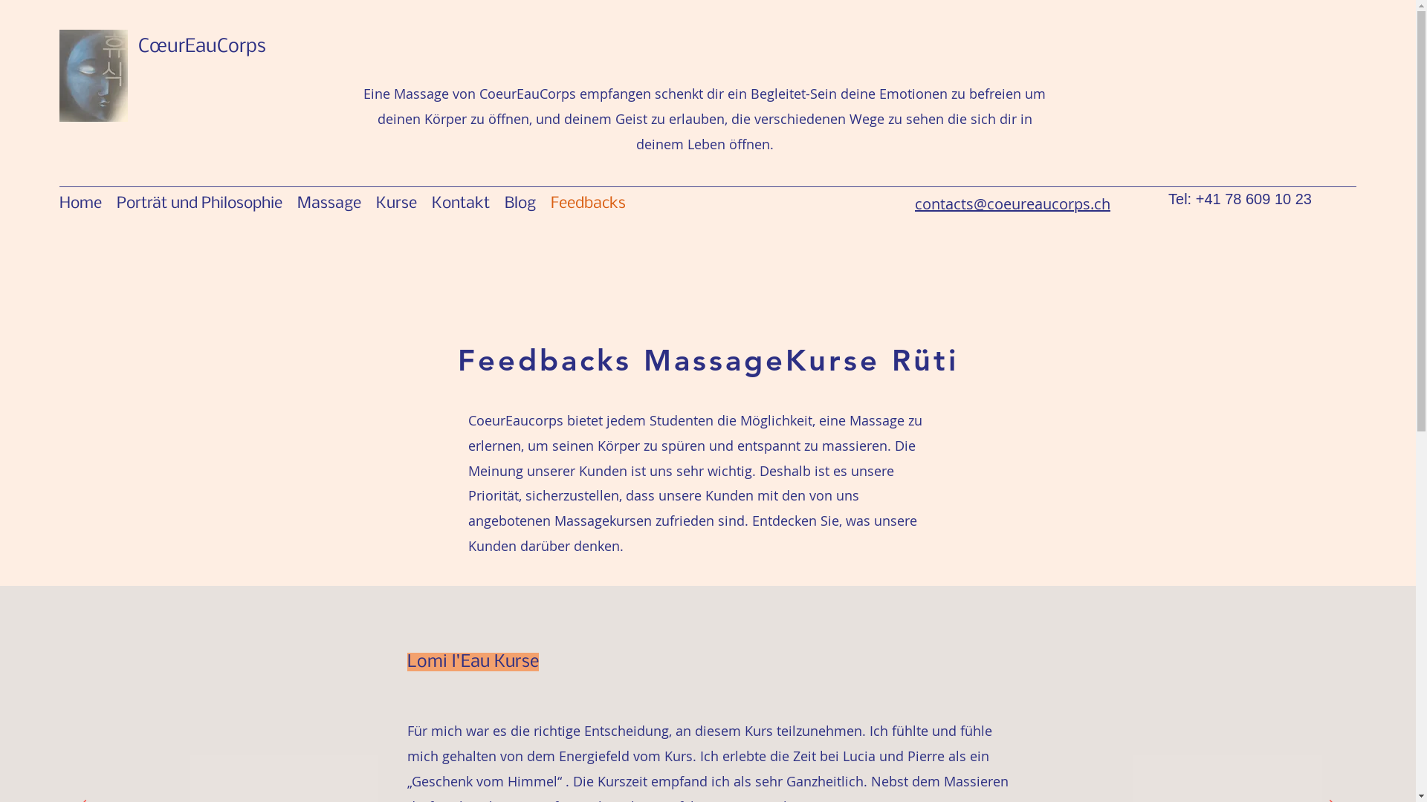  What do you see at coordinates (520, 203) in the screenshot?
I see `'Blog'` at bounding box center [520, 203].